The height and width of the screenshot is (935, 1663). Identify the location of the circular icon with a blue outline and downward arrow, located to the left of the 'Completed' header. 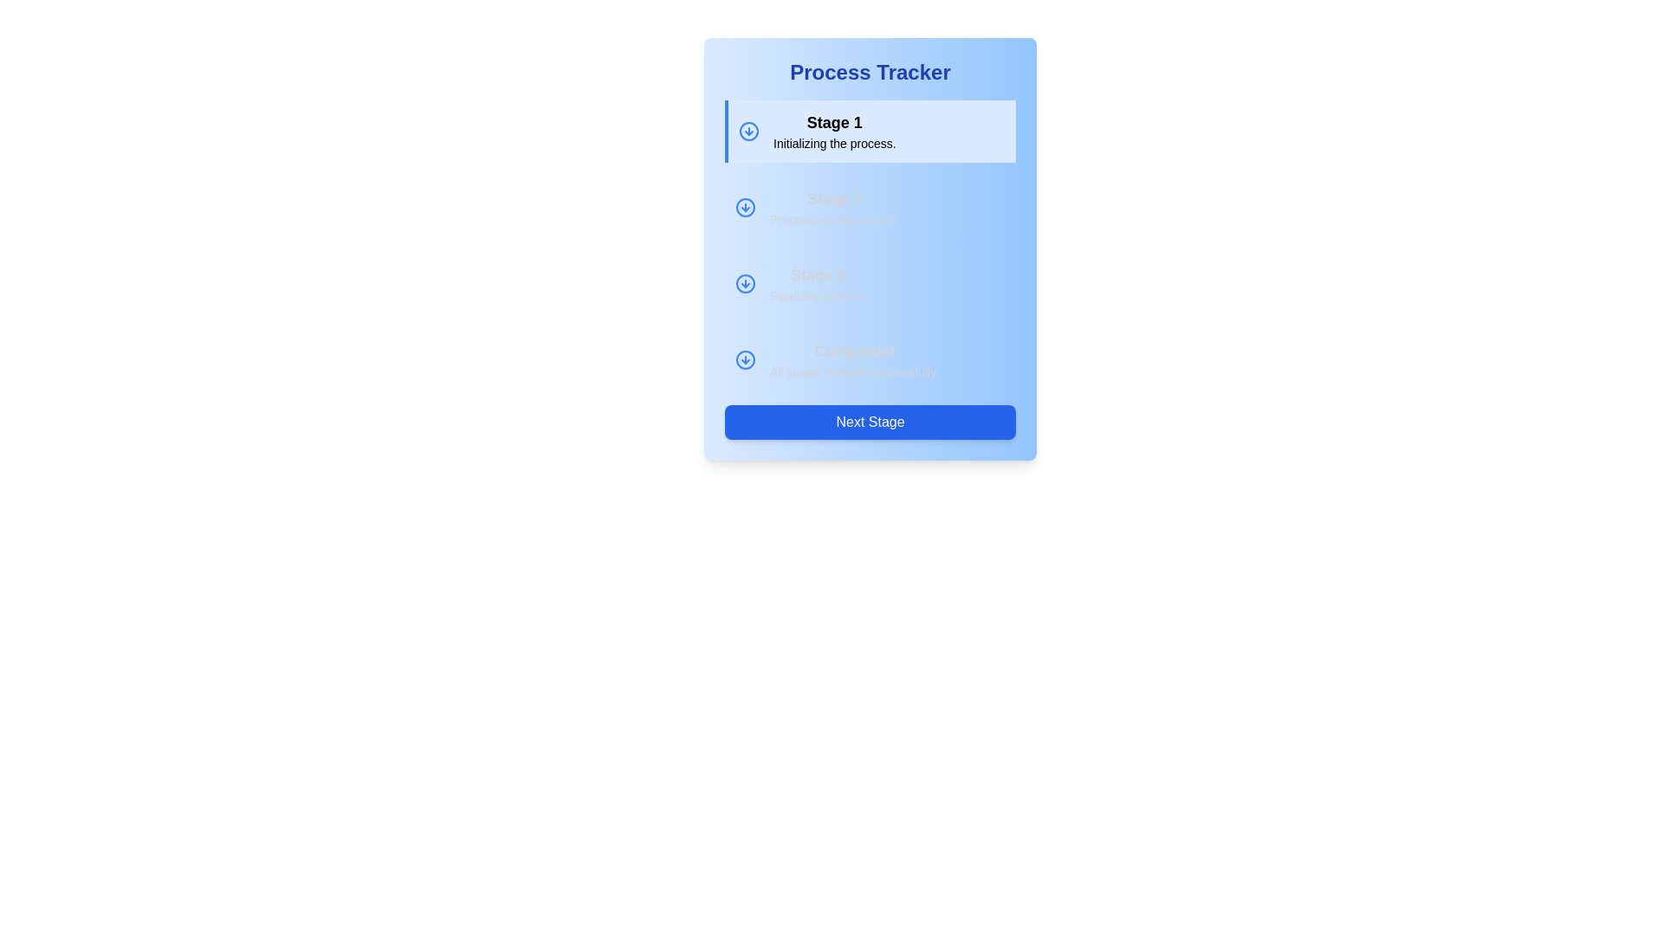
(745, 359).